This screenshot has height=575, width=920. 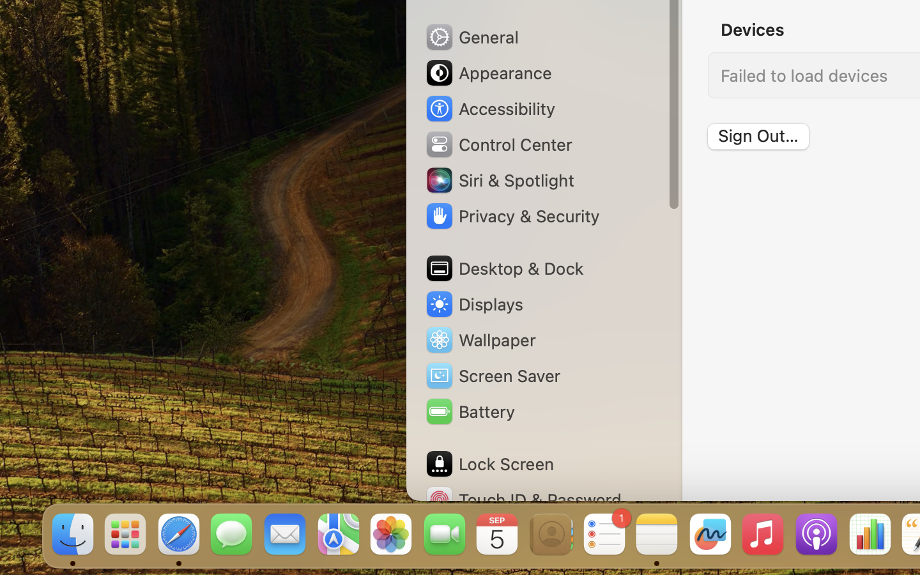 What do you see at coordinates (512, 216) in the screenshot?
I see `'Privacy & Security'` at bounding box center [512, 216].